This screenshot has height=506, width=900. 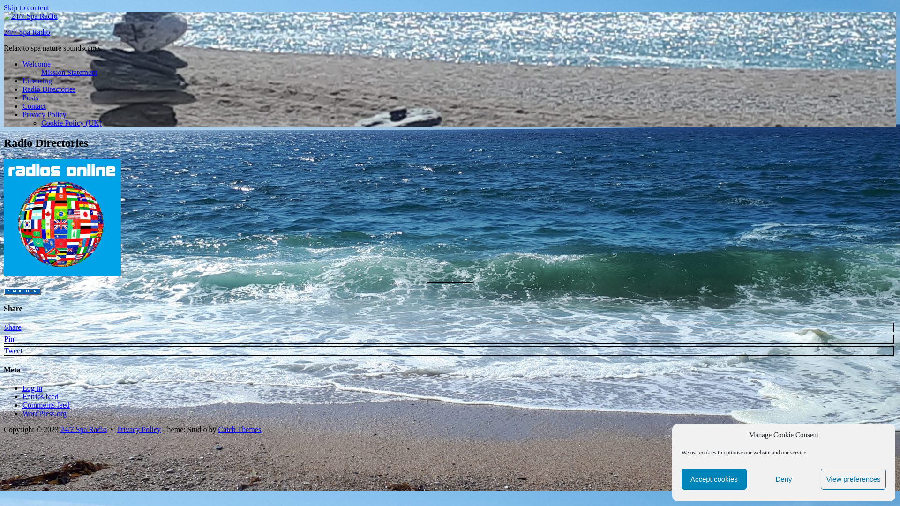 What do you see at coordinates (44, 413) in the screenshot?
I see `'WordPress.org'` at bounding box center [44, 413].